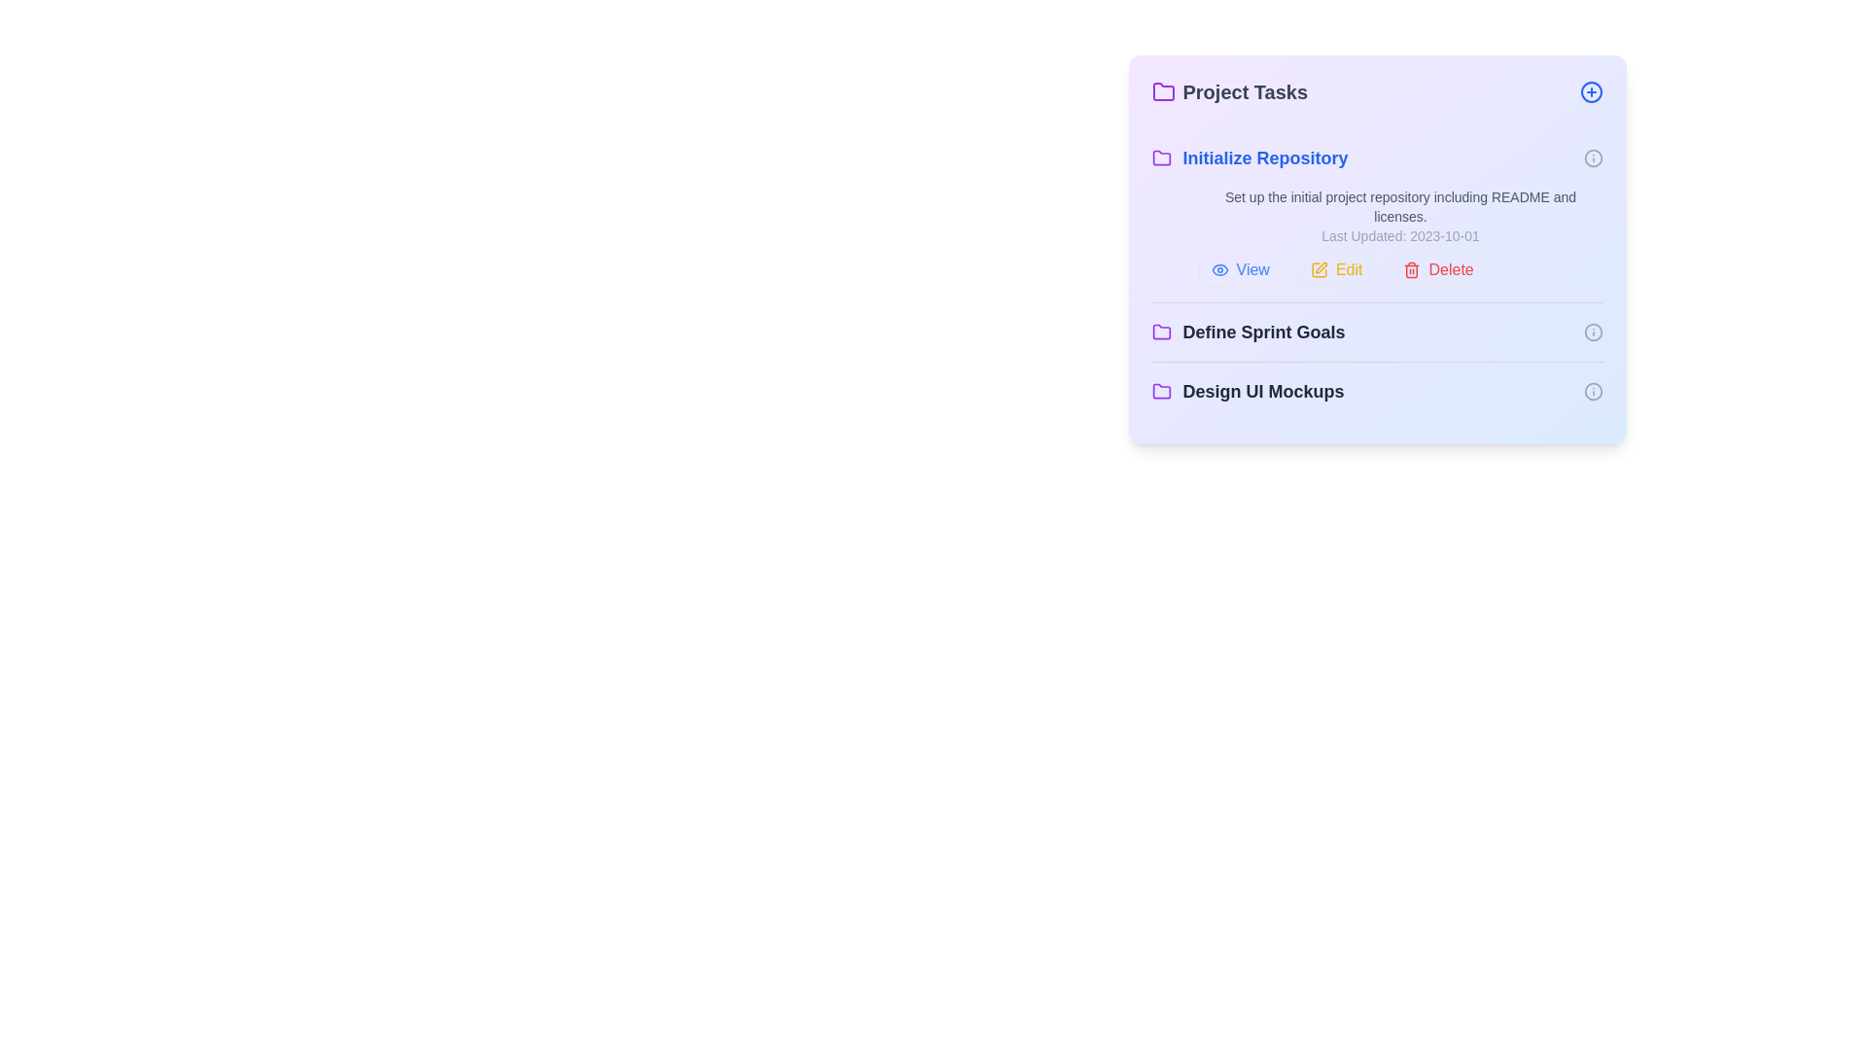  What do you see at coordinates (1335, 269) in the screenshot?
I see `the second button in the 'Initialize Repository' section` at bounding box center [1335, 269].